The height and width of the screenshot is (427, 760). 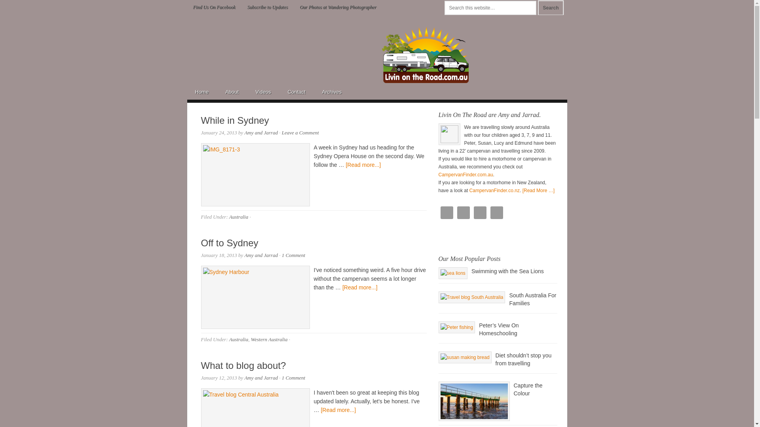 I want to click on 'Twitter', so click(x=490, y=212).